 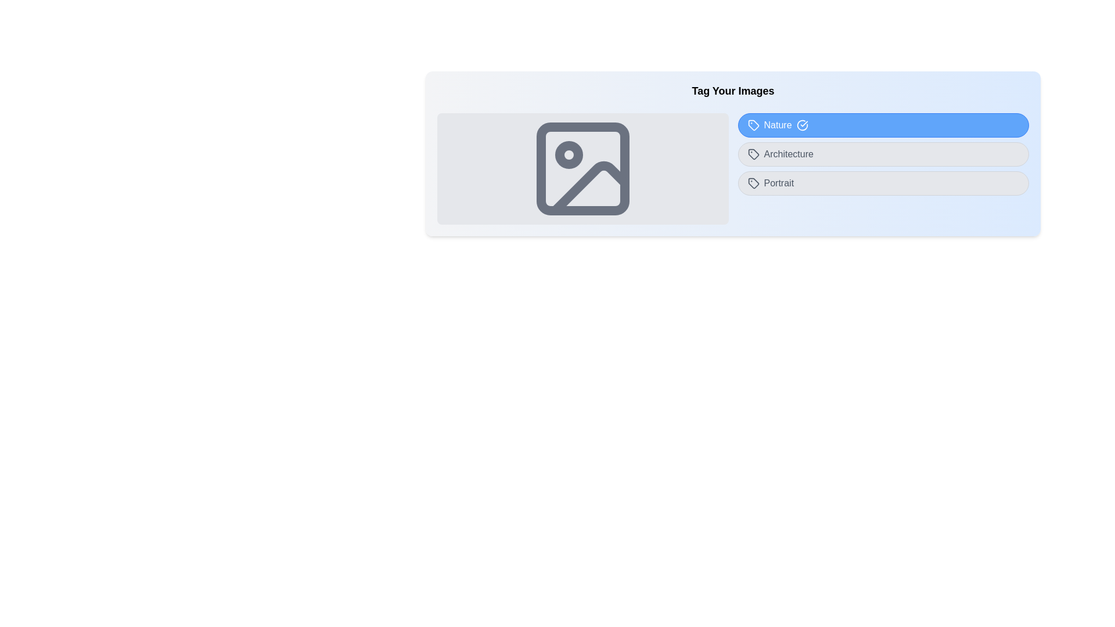 What do you see at coordinates (883, 125) in the screenshot?
I see `the tag Nature` at bounding box center [883, 125].